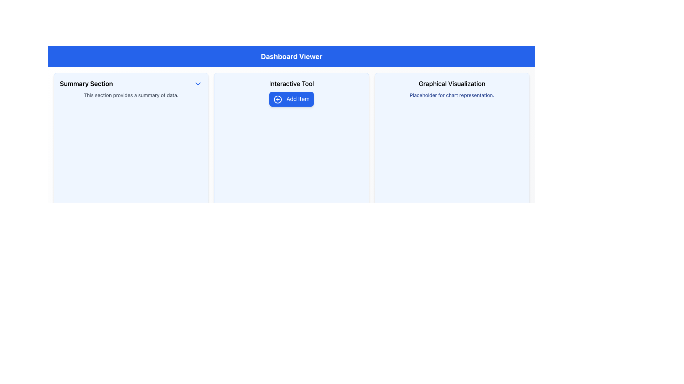 The image size is (684, 384). Describe the element at coordinates (86, 83) in the screenshot. I see `the bold, large-font text label displaying 'Summary Section', which is positioned in the top-left area of the interface` at that location.